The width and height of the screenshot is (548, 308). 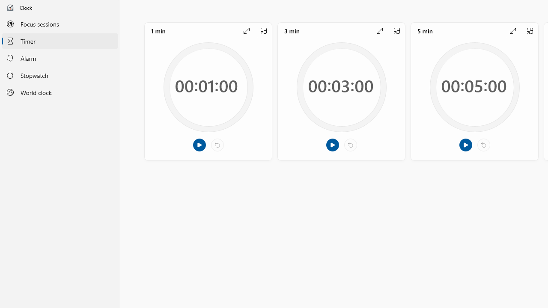 What do you see at coordinates (60, 58) in the screenshot?
I see `'Alarm'` at bounding box center [60, 58].